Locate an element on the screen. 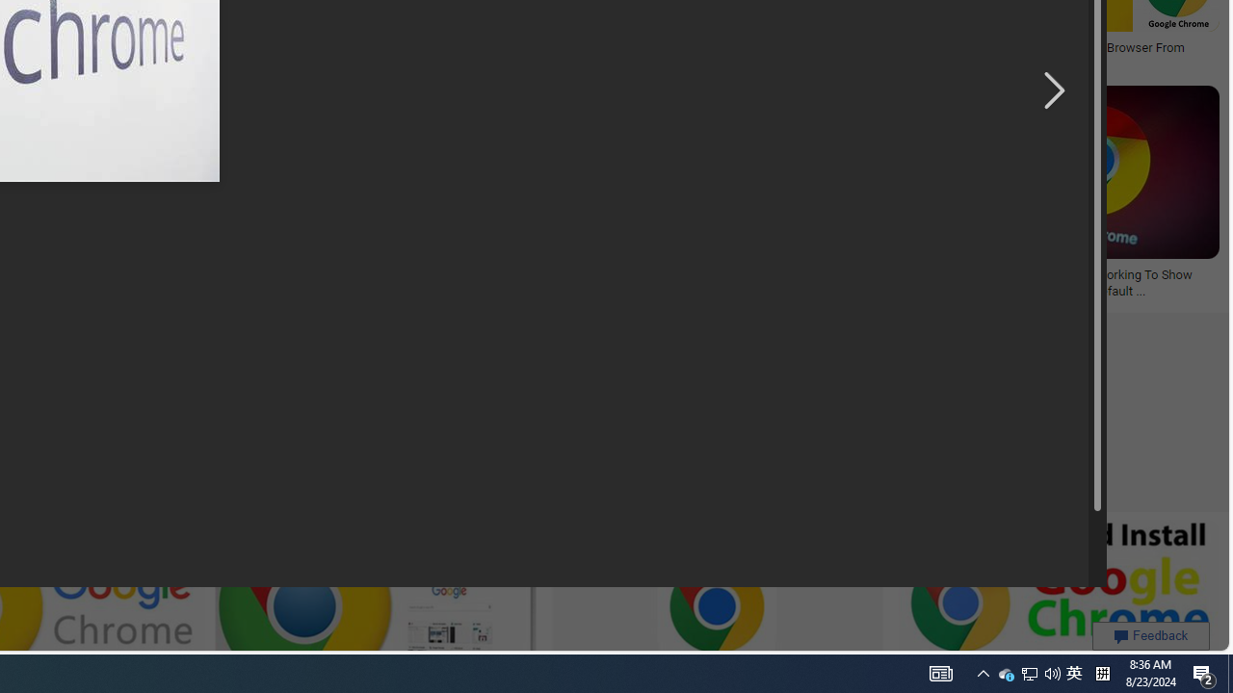 The height and width of the screenshot is (693, 1233). 'Feedback' is located at coordinates (1150, 635).